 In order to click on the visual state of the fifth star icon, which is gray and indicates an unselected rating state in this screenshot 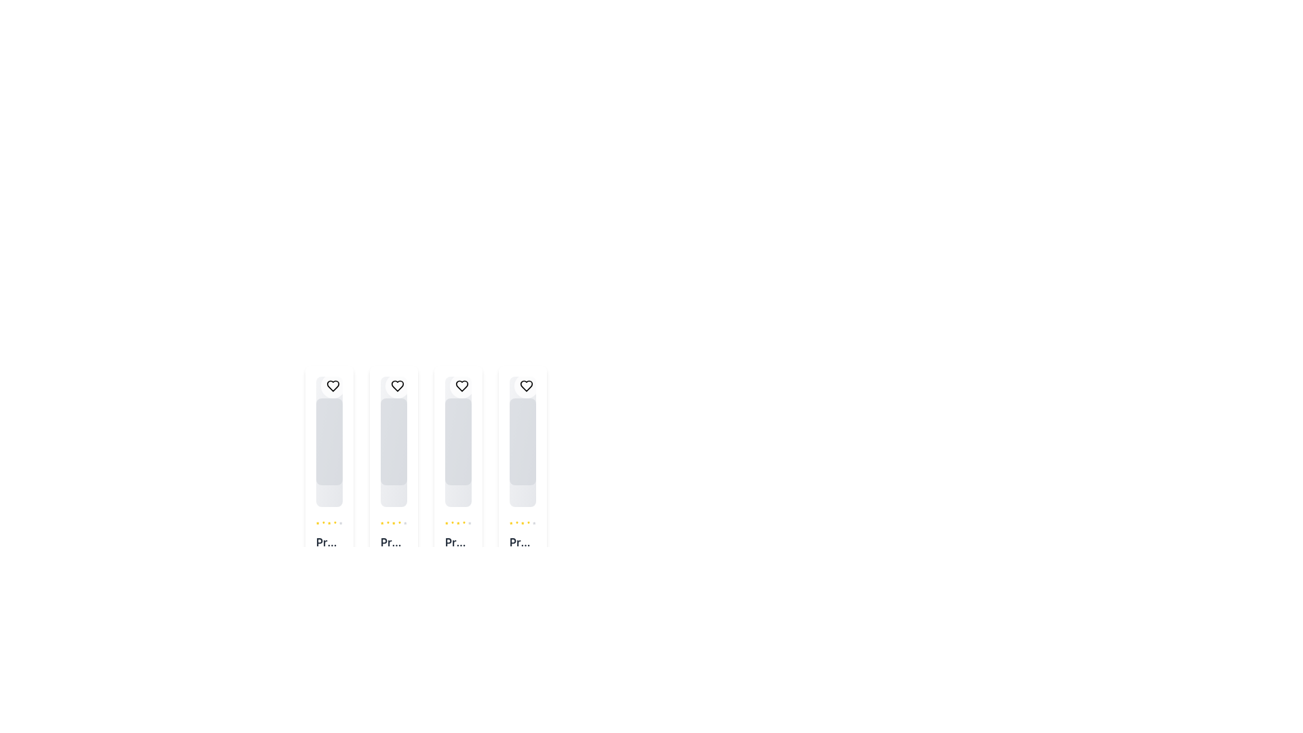, I will do `click(470, 523)`.